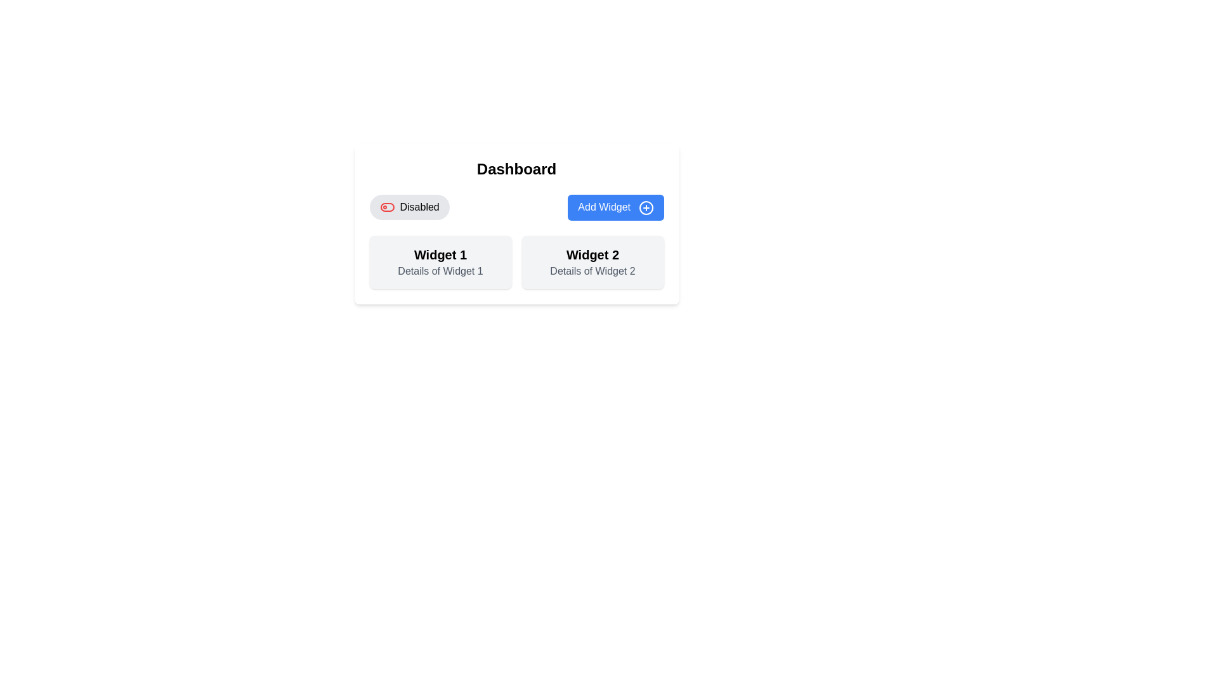 Image resolution: width=1218 pixels, height=685 pixels. What do you see at coordinates (386, 207) in the screenshot?
I see `the Toggle icon (status indicator) which visually indicates the 'disabled' state, located left of the text 'Disabled'` at bounding box center [386, 207].